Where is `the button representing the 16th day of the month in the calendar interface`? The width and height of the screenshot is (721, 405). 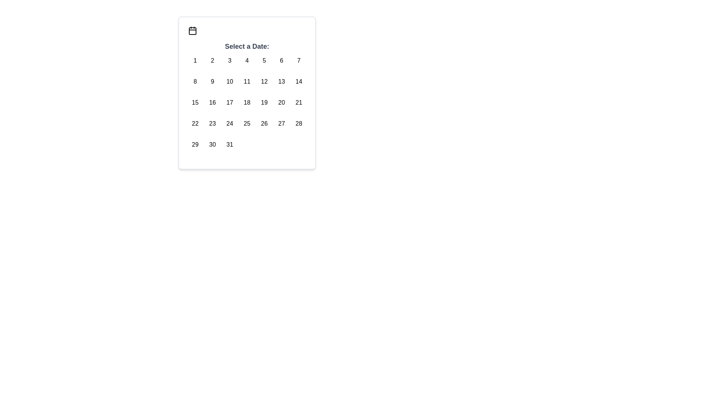 the button representing the 16th day of the month in the calendar interface is located at coordinates (212, 102).